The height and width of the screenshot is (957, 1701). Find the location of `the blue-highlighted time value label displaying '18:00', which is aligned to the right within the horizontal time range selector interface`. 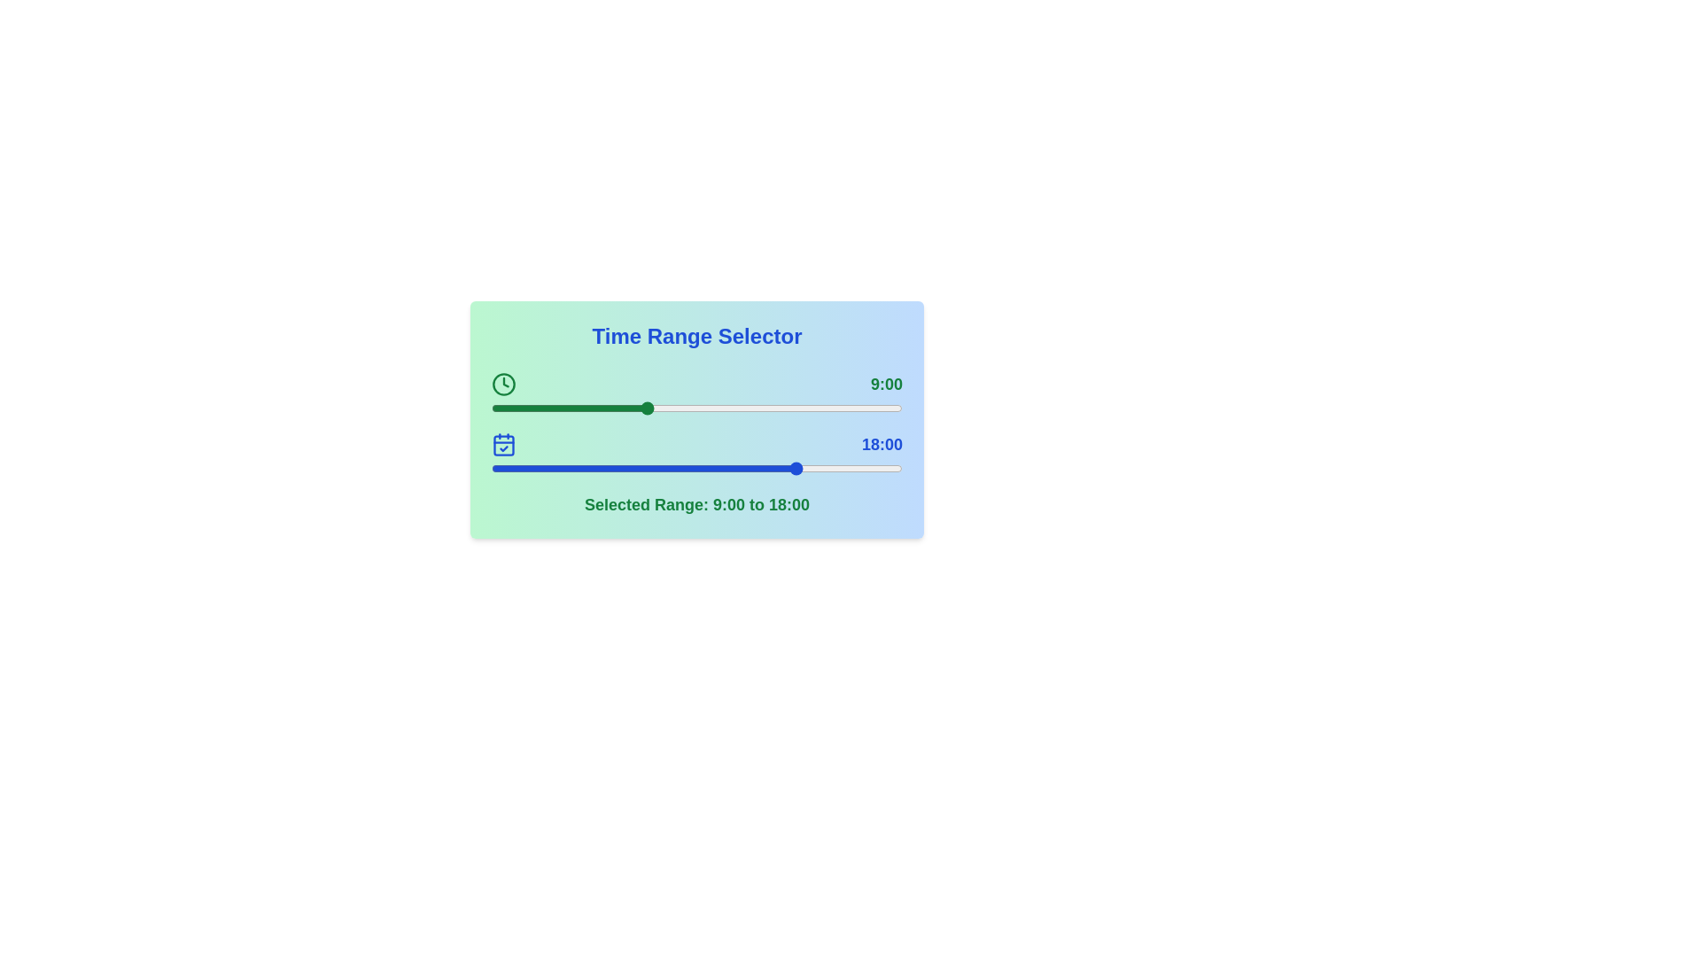

the blue-highlighted time value label displaying '18:00', which is aligned to the right within the horizontal time range selector interface is located at coordinates (696, 454).